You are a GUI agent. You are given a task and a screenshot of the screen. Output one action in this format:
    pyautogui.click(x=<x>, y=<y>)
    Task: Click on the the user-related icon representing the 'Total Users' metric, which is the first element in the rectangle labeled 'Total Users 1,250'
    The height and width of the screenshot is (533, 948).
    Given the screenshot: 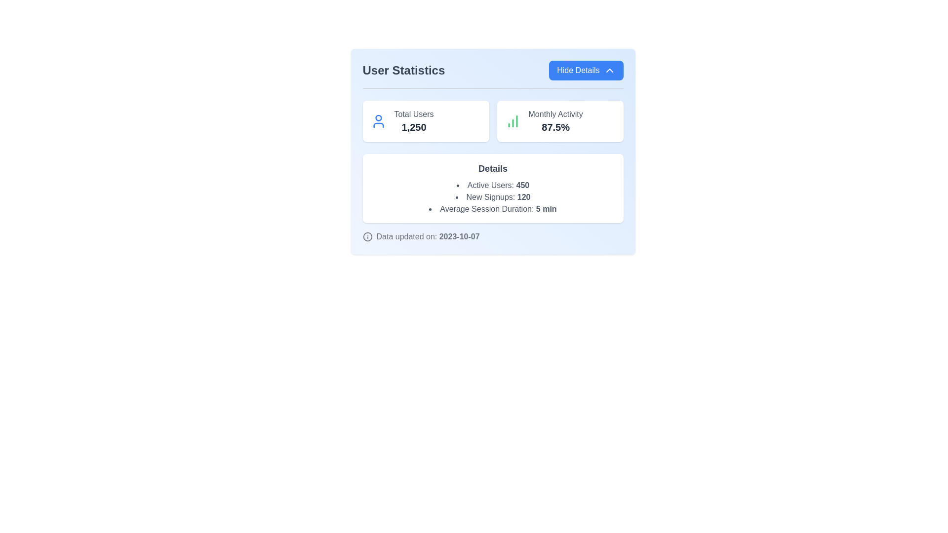 What is the action you would take?
    pyautogui.click(x=378, y=121)
    